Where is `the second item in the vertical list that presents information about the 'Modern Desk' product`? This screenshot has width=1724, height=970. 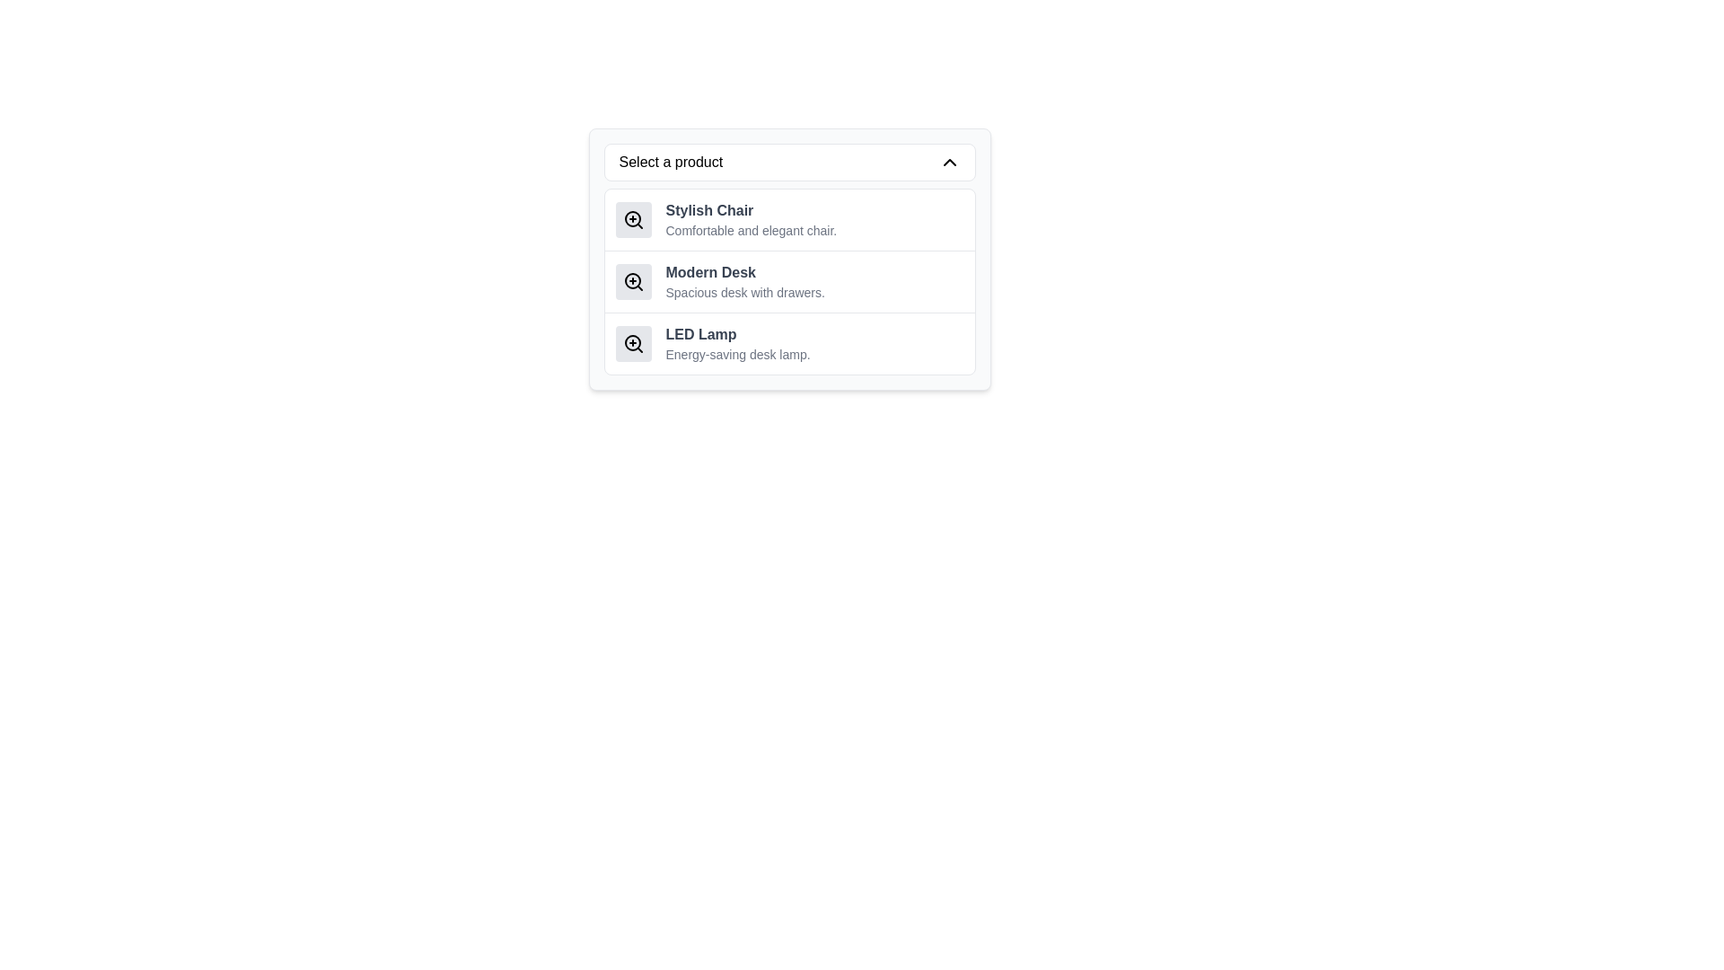
the second item in the vertical list that presents information about the 'Modern Desk' product is located at coordinates (789, 281).